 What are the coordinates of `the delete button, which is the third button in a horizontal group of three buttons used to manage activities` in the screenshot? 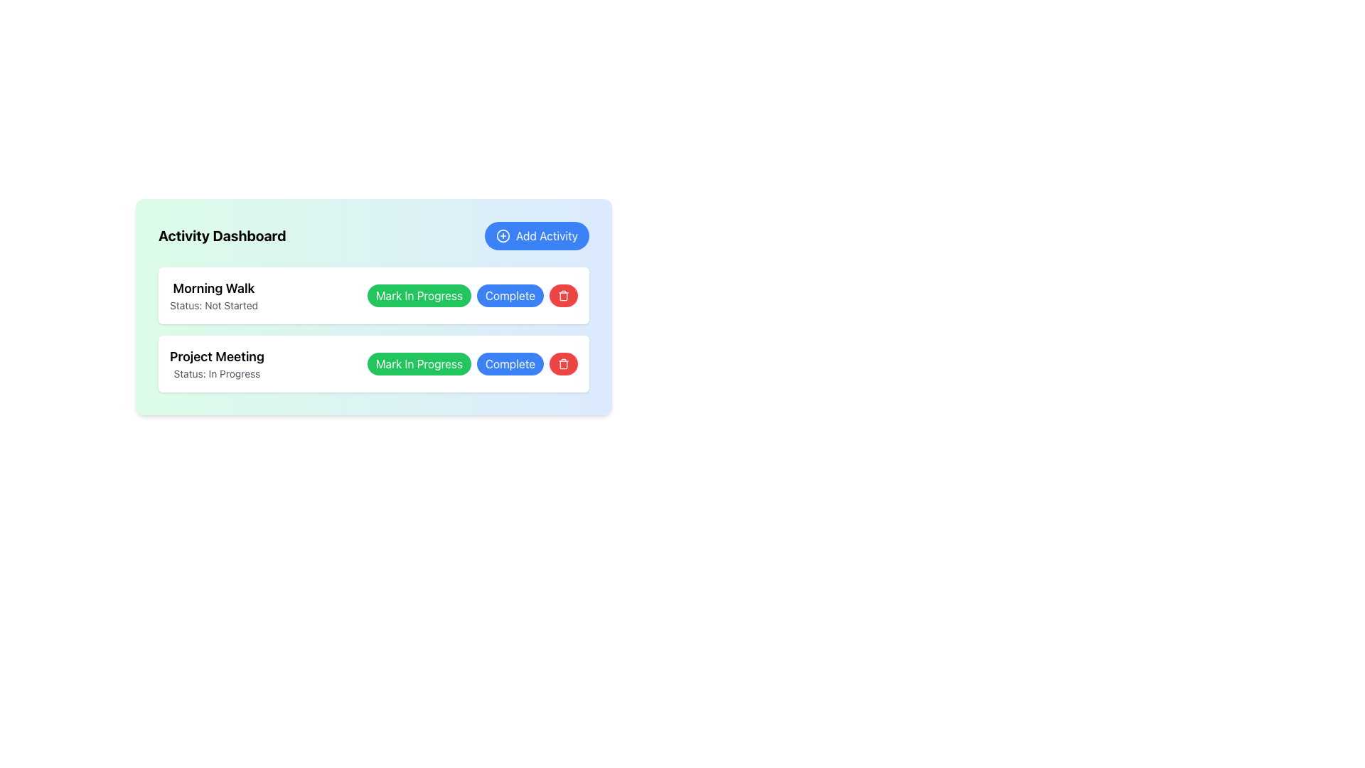 It's located at (562, 295).